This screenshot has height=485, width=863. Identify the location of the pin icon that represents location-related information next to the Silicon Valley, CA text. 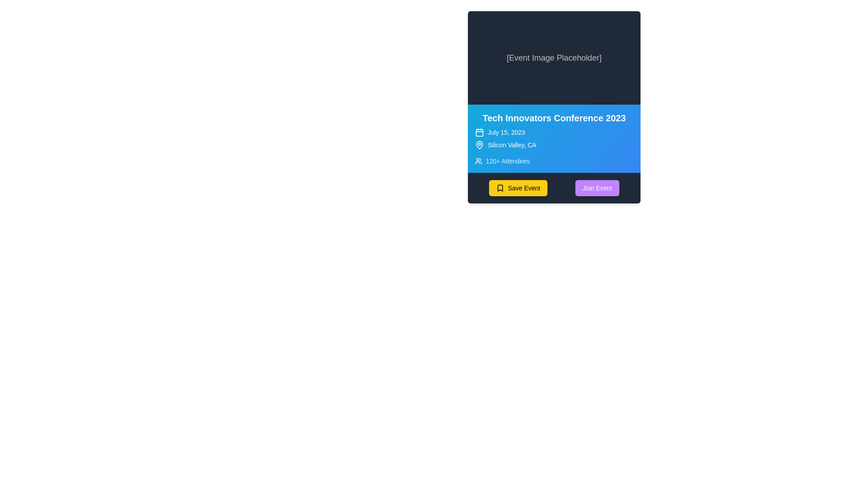
(479, 144).